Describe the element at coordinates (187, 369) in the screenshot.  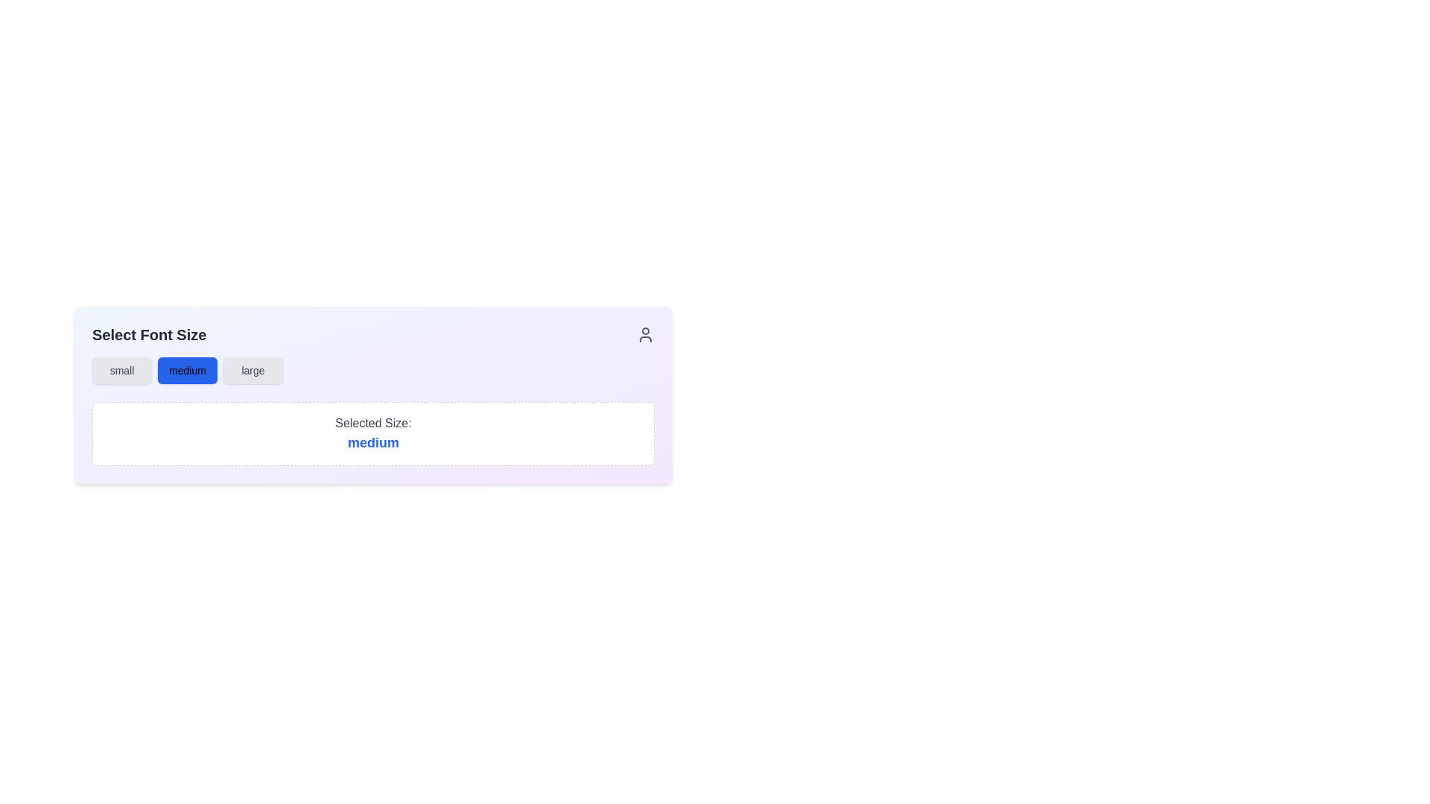
I see `the rectangular button labeled 'medium' with a blue background and white text, which is the second button in the size selection group in the 'Select Font Size' section` at that location.